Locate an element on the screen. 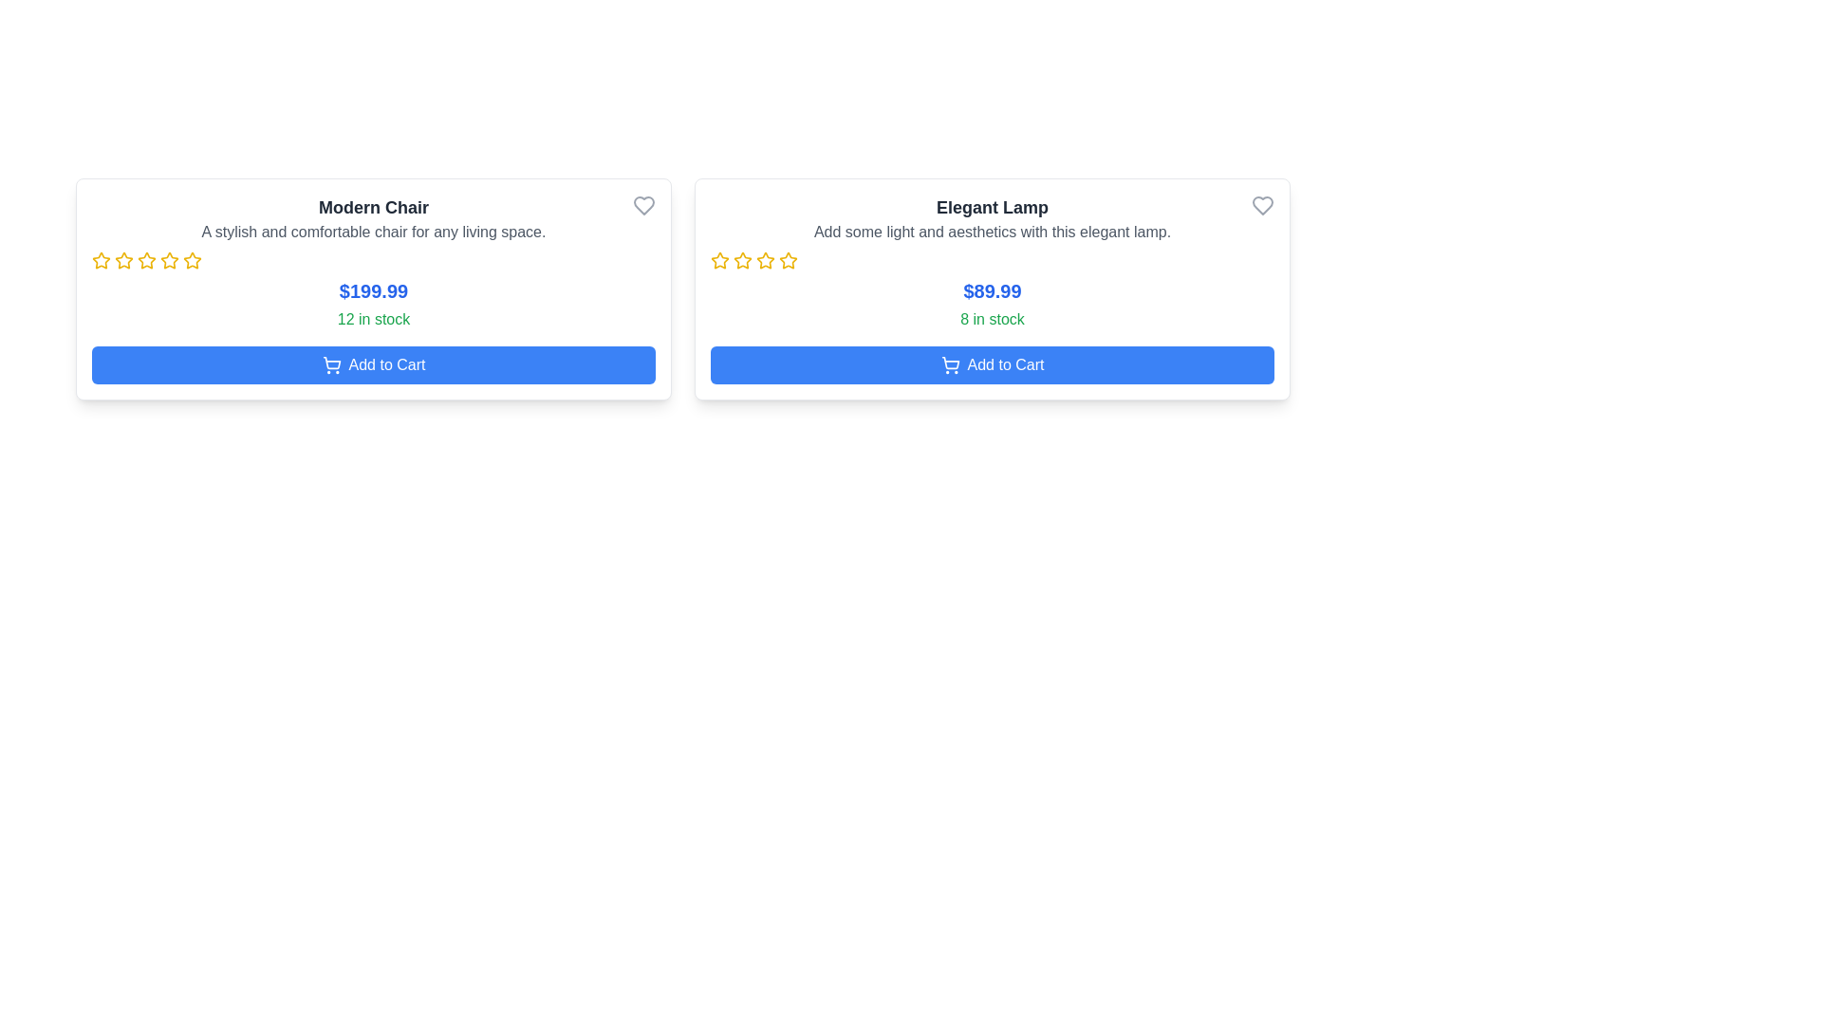  the Header text element that identifies the product as 'Elegant Lamp', located at the top of the right card in a two-card layout is located at coordinates (992, 208).